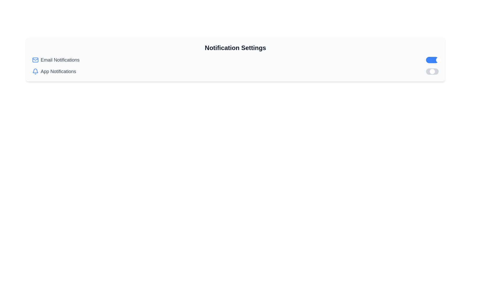  Describe the element at coordinates (35, 72) in the screenshot. I see `the notifications icon located in the 'App Notifications' section, positioned before the descriptive text` at that location.